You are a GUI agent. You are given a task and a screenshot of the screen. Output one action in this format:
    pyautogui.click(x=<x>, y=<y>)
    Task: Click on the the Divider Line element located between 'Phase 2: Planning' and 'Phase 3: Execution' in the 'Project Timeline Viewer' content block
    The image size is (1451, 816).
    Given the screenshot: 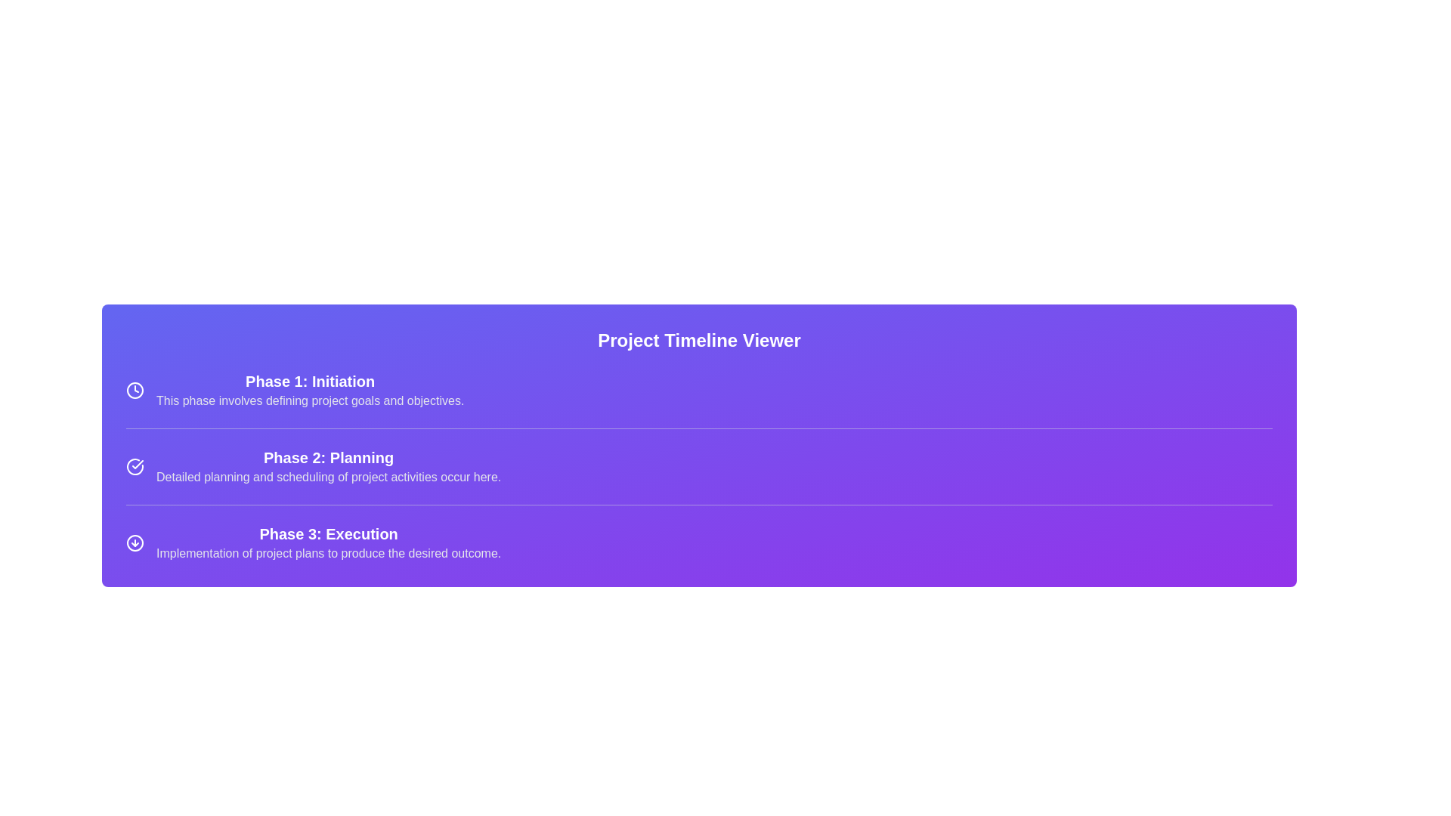 What is the action you would take?
    pyautogui.click(x=698, y=505)
    